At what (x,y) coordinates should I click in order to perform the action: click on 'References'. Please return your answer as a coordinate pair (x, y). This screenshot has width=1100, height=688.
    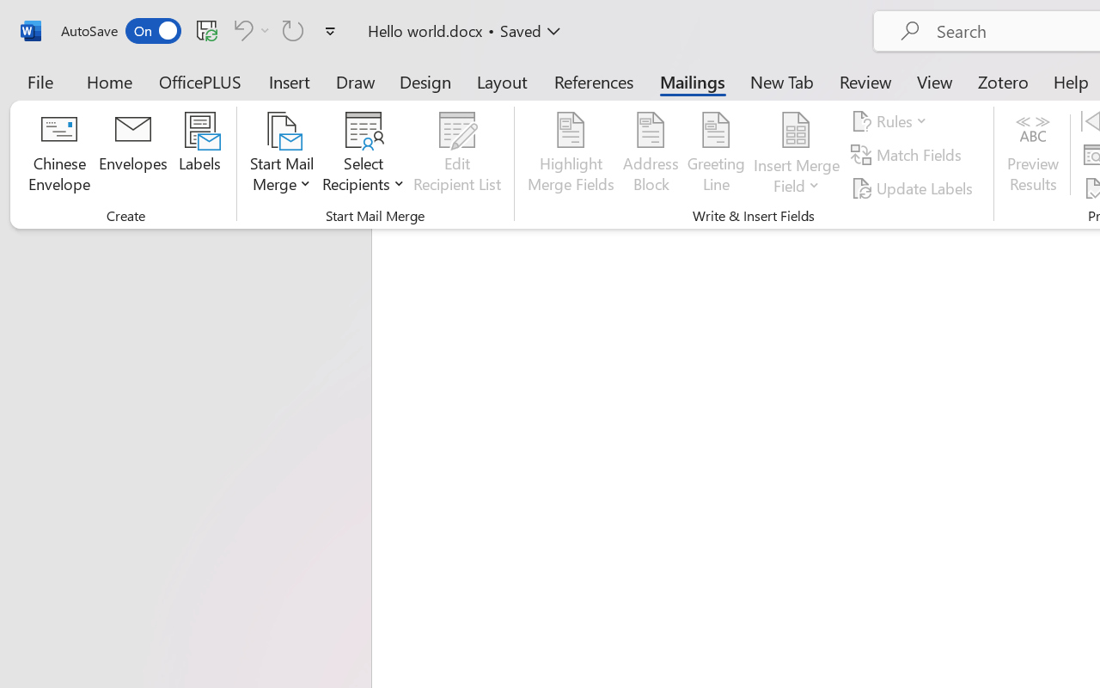
    Looking at the image, I should click on (594, 81).